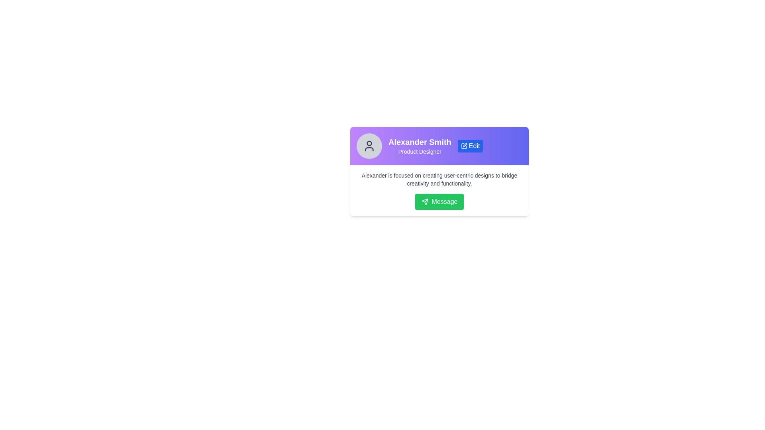 This screenshot has width=765, height=430. I want to click on the blue rectangular button labeled 'Edit' with a pencil icon, located to the right of 'Alexander Smith' for keyboard navigation, so click(470, 146).